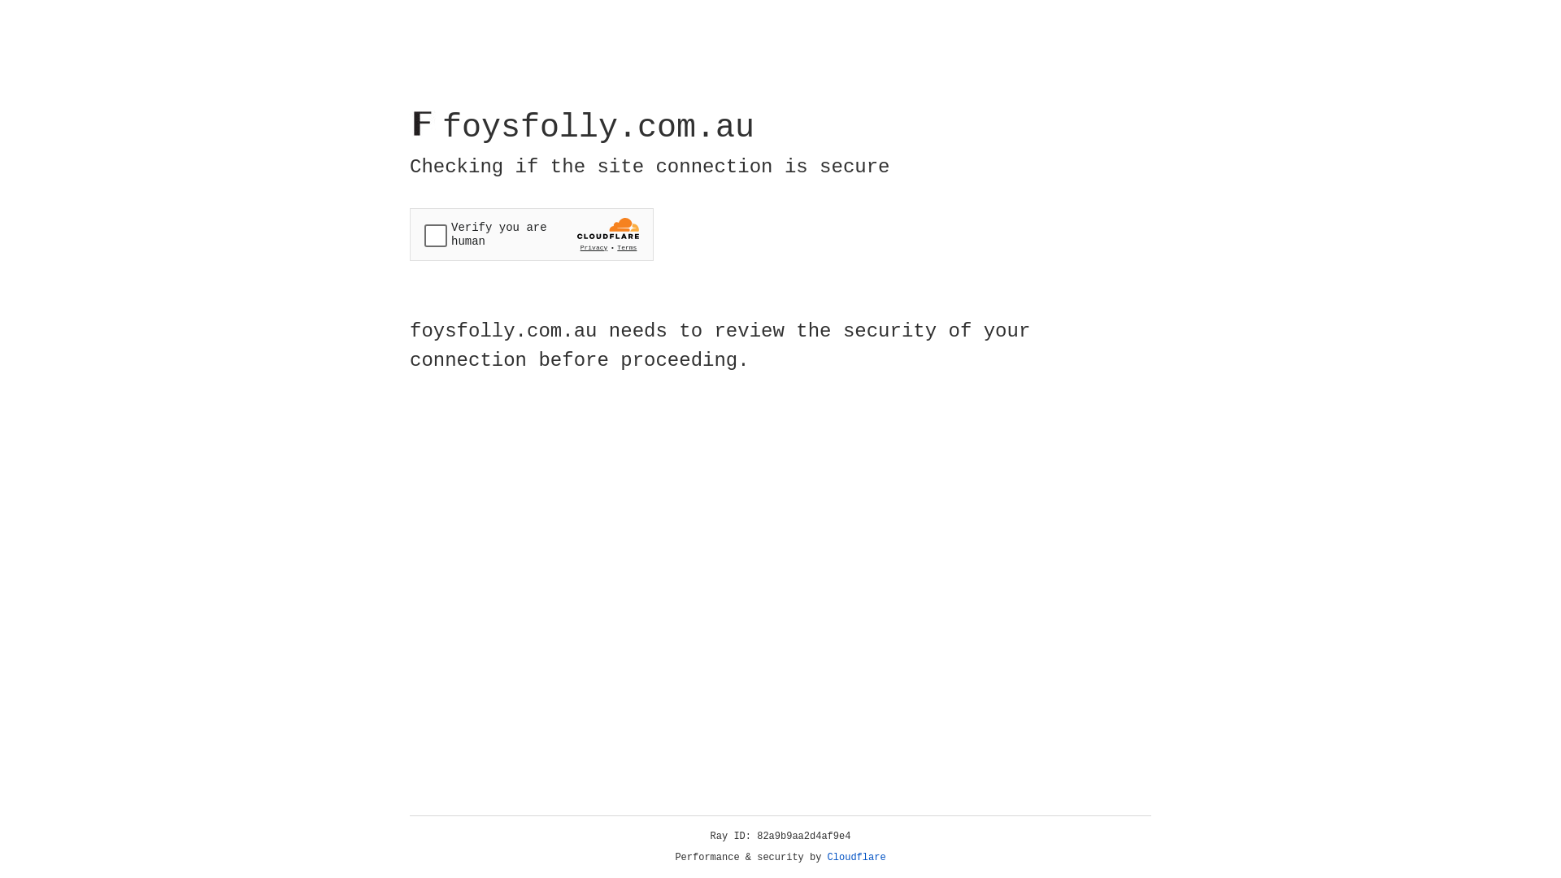 Image resolution: width=1561 pixels, height=878 pixels. I want to click on 'Cloudflare', so click(856, 857).